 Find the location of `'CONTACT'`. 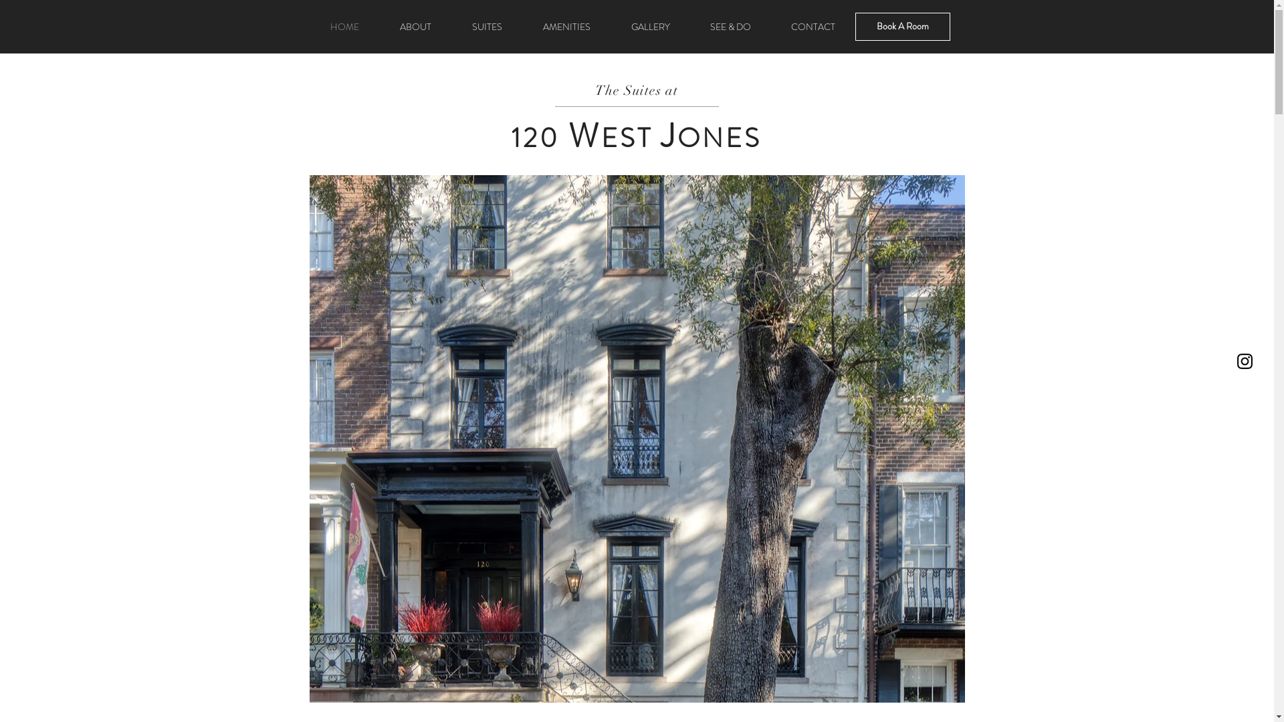

'CONTACT' is located at coordinates (770, 26).